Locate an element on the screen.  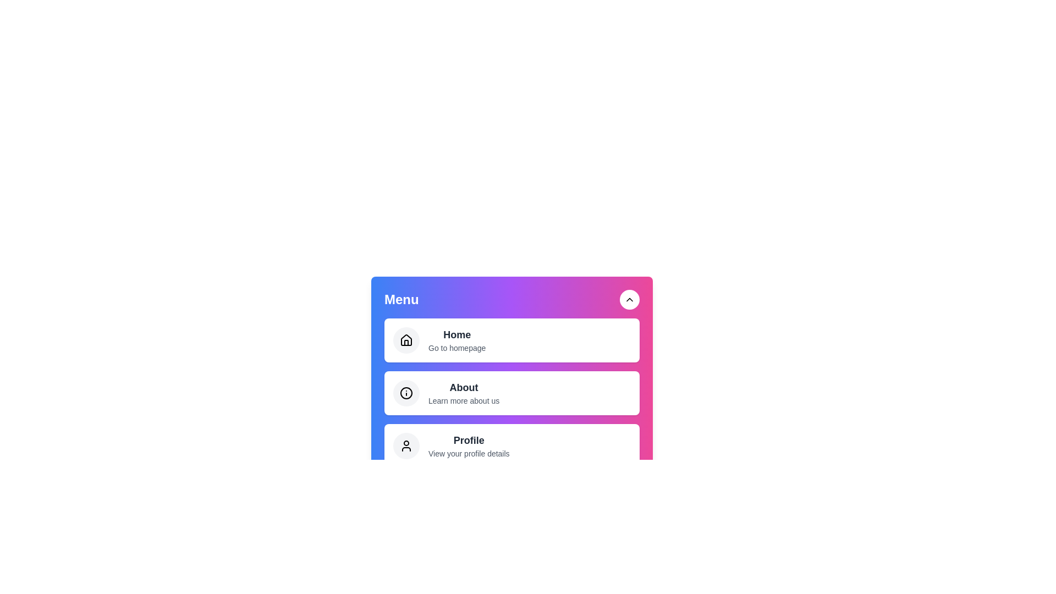
the icon corresponding to the menu item labeled 'About' is located at coordinates (406, 392).